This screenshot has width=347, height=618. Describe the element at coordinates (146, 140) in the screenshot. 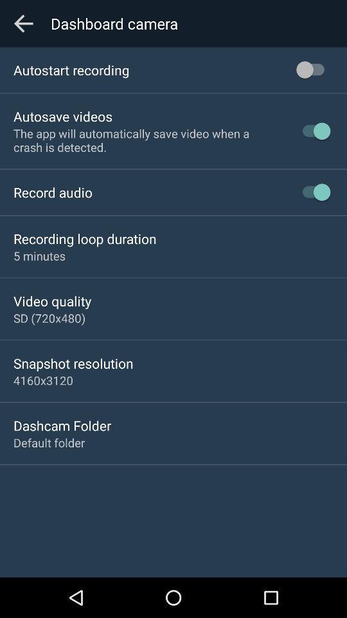

I see `the app will at the top` at that location.